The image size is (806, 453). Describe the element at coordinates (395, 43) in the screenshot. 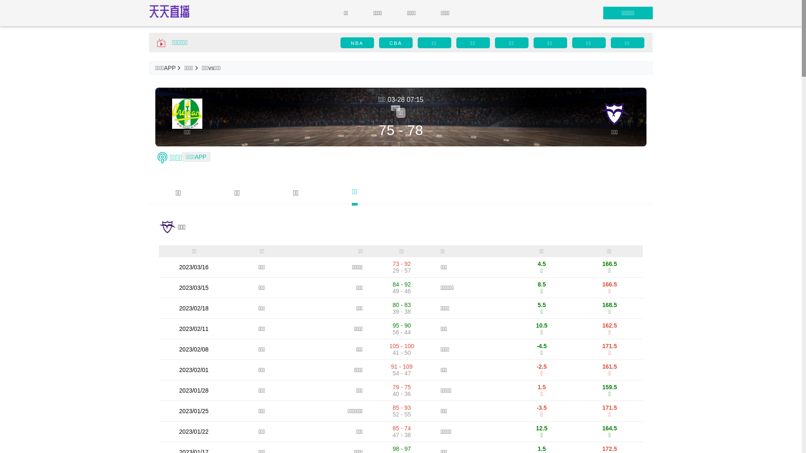

I see `'CBA'` at that location.